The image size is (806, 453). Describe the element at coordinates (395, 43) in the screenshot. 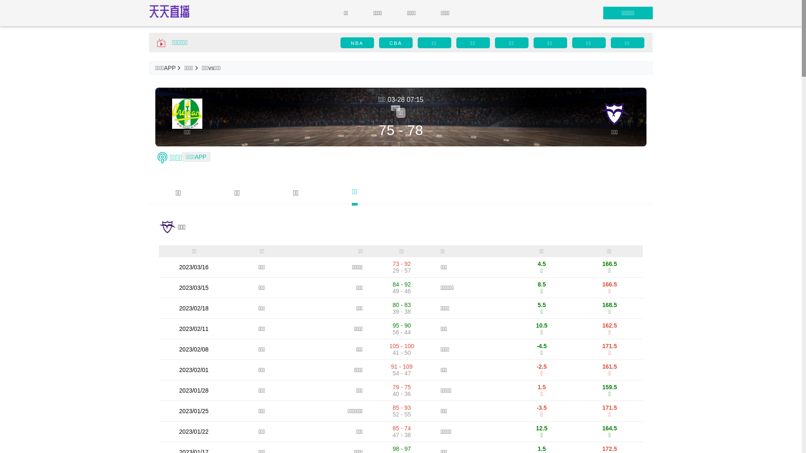

I see `'CBA'` at that location.